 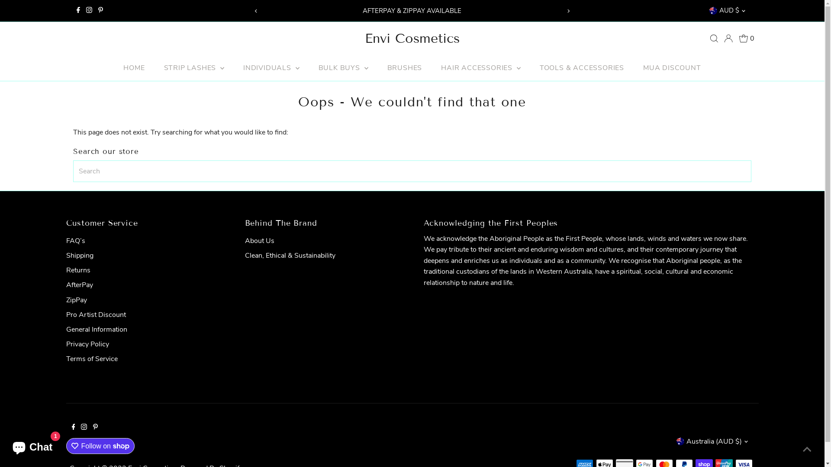 I want to click on 'Terms of Service', so click(x=91, y=358).